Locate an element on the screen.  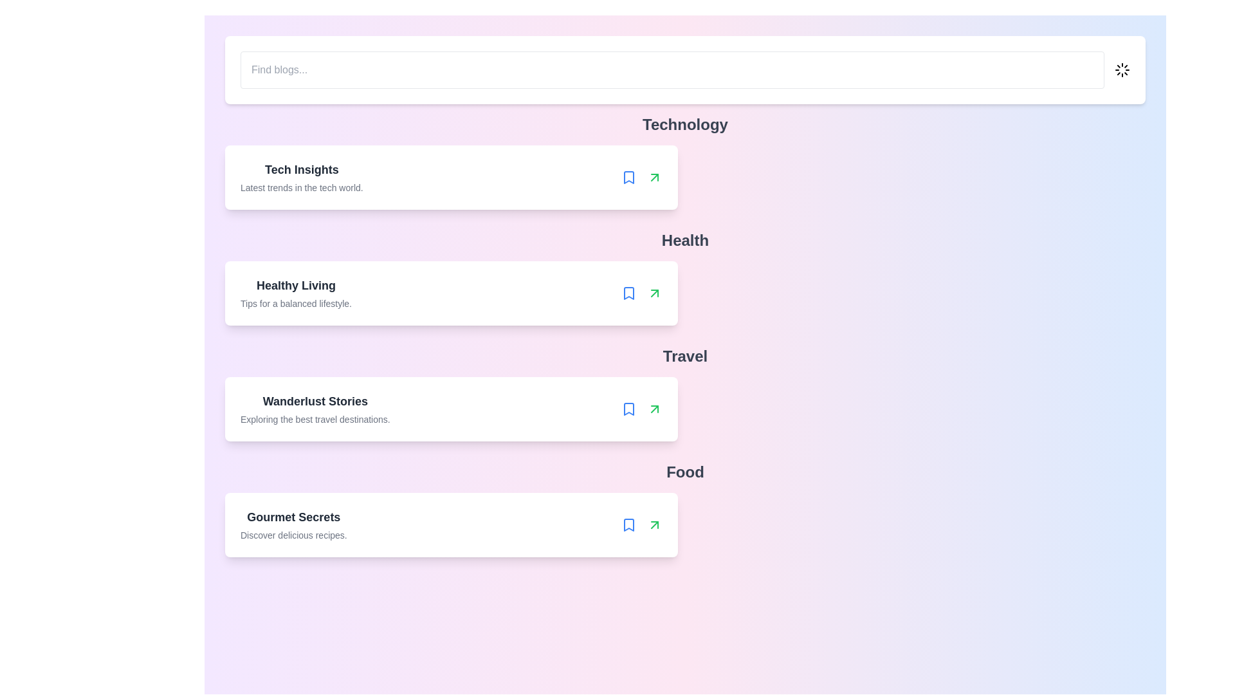
the text element with the heading 'Gourmet Secrets', which is styled in a bold, large font and is located in the 'Food' section is located at coordinates (293, 516).